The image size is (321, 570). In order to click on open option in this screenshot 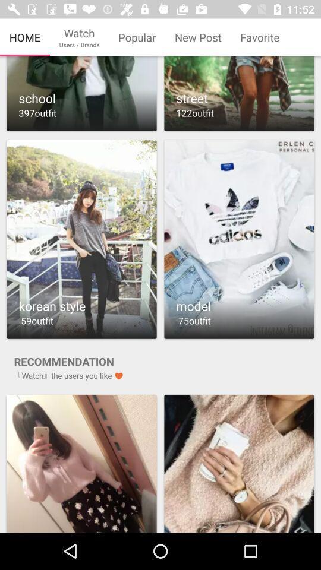, I will do `click(239, 239)`.